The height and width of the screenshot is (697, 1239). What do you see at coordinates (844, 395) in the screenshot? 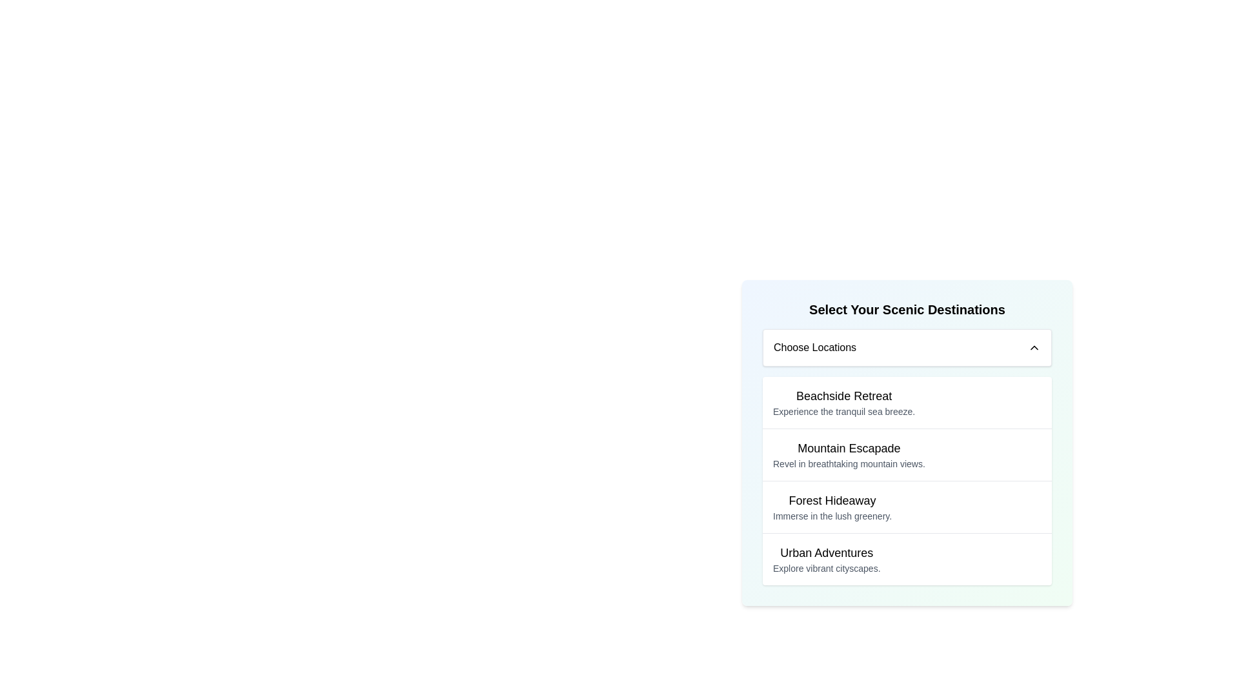
I see `the static text label that reads 'Beachside Retreat', which is prominently displayed above the text 'Experience the tranquil sea breeze' in the scenic destinations list` at bounding box center [844, 395].